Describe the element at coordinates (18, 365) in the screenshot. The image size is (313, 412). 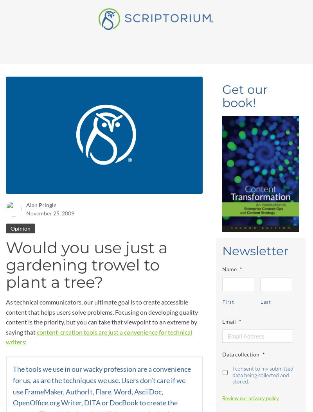
I see `'Comment'` at that location.